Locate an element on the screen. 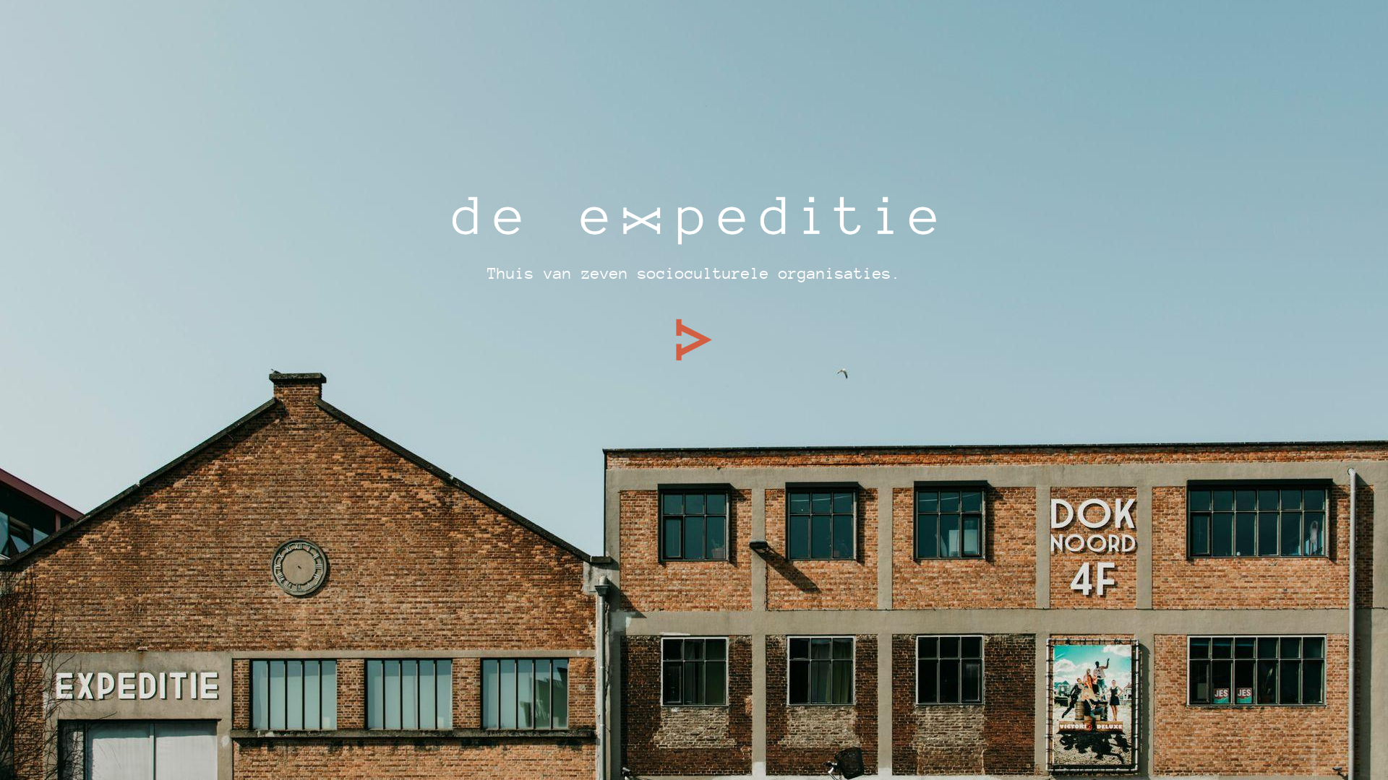  ' Thuis van zeven socioculturele organisaties' is located at coordinates (683, 273).